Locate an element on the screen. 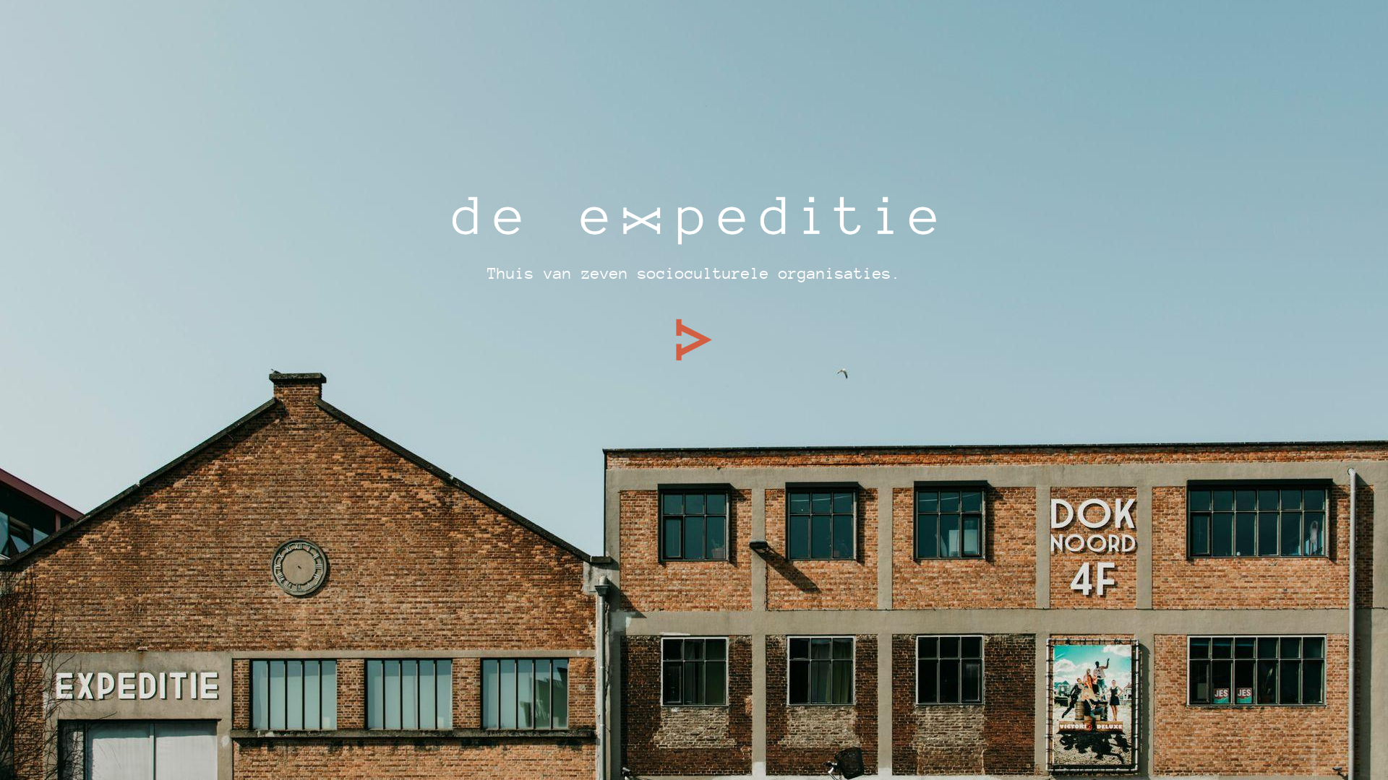  ' Thuis van zeven socioculturele organisaties' is located at coordinates (683, 273).